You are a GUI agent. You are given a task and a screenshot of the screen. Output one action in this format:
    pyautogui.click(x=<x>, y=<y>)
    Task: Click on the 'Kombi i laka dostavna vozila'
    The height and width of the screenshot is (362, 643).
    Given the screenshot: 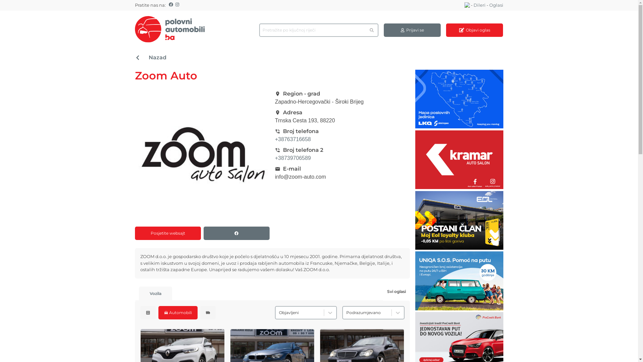 What is the action you would take?
    pyautogui.click(x=207, y=312)
    